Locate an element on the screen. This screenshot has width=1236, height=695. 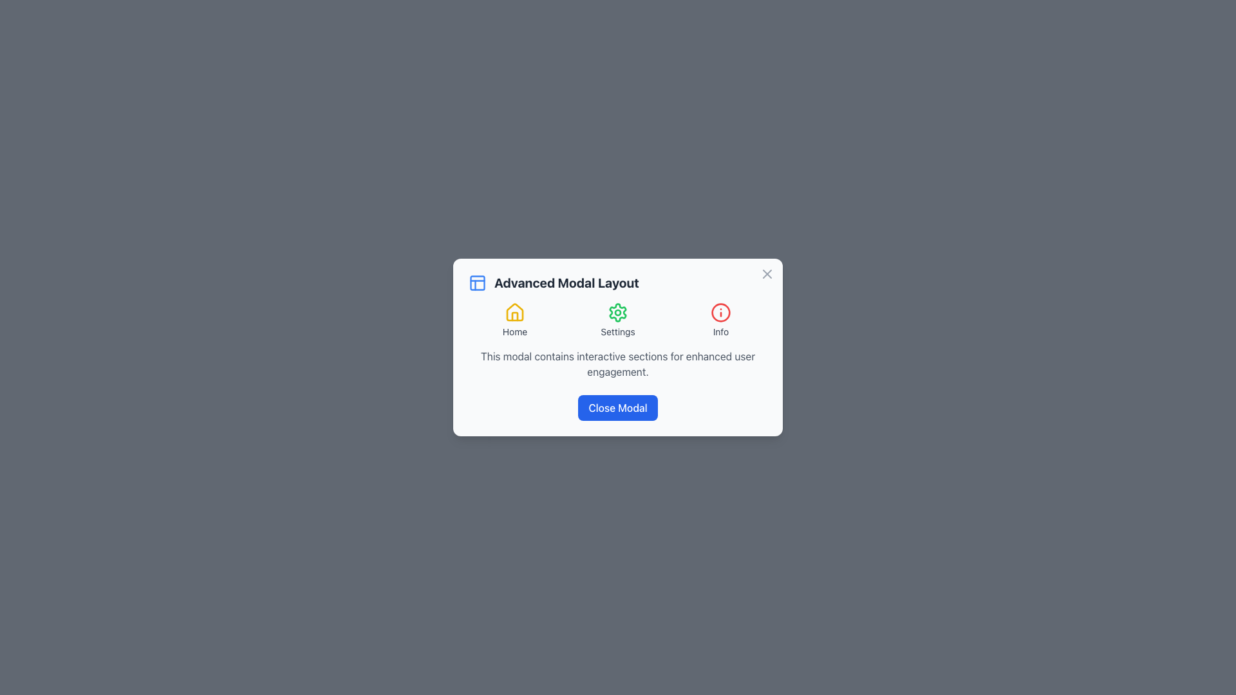
the 'Close Modal' button, which is a rectangular button with a blue background and white text, located at the bottom center of the modal window is located at coordinates (618, 407).